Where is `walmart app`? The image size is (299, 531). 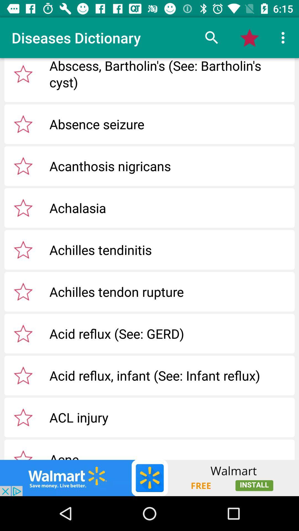 walmart app is located at coordinates (149, 478).